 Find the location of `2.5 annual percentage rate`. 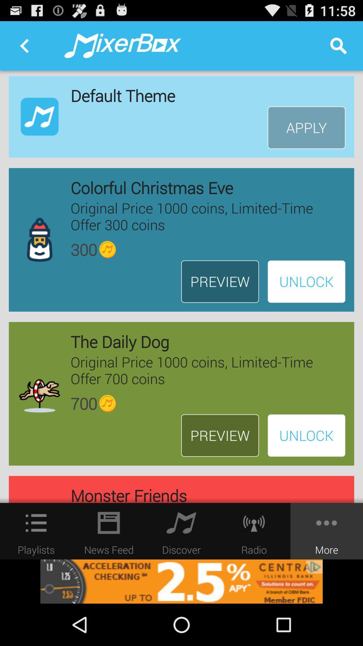

2.5 annual percentage rate is located at coordinates (182, 581).